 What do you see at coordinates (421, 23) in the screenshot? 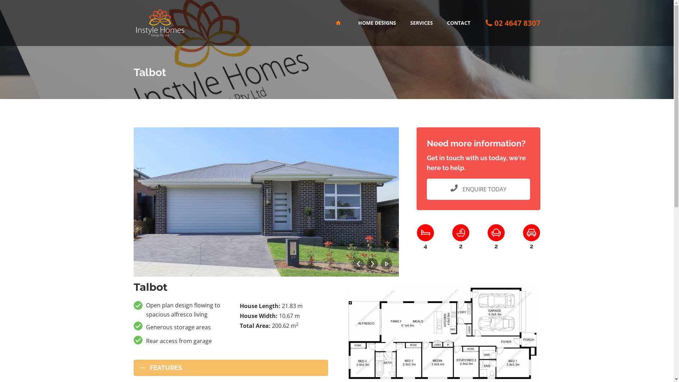
I see `'SERVICES'` at bounding box center [421, 23].